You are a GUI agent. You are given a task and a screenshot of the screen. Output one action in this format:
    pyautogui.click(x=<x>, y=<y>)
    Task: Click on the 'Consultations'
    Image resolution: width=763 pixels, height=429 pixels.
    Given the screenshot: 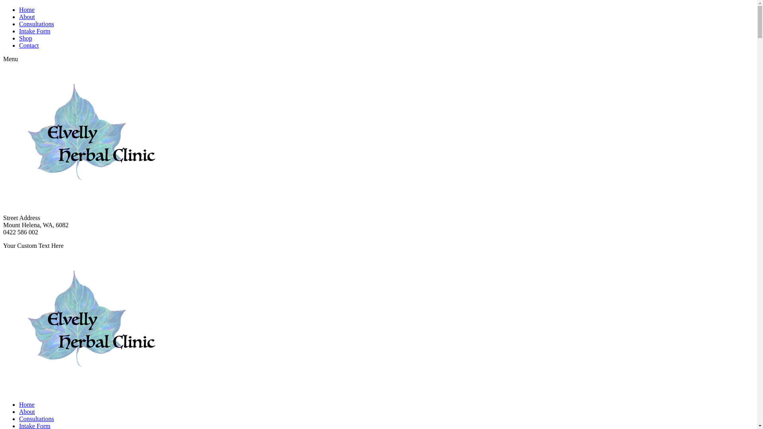 What is the action you would take?
    pyautogui.click(x=36, y=23)
    